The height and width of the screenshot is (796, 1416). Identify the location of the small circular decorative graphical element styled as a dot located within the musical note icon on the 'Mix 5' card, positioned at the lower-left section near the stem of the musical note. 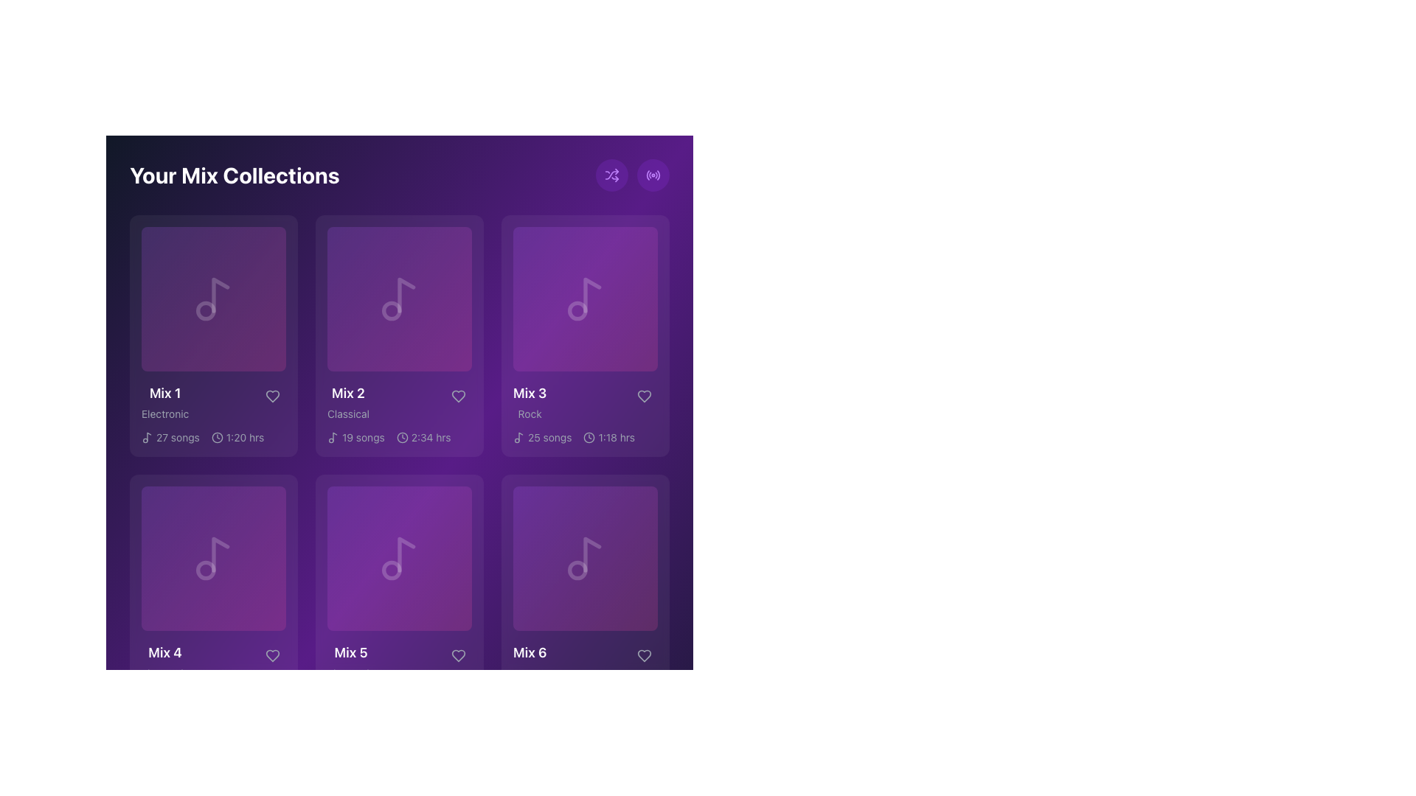
(392, 570).